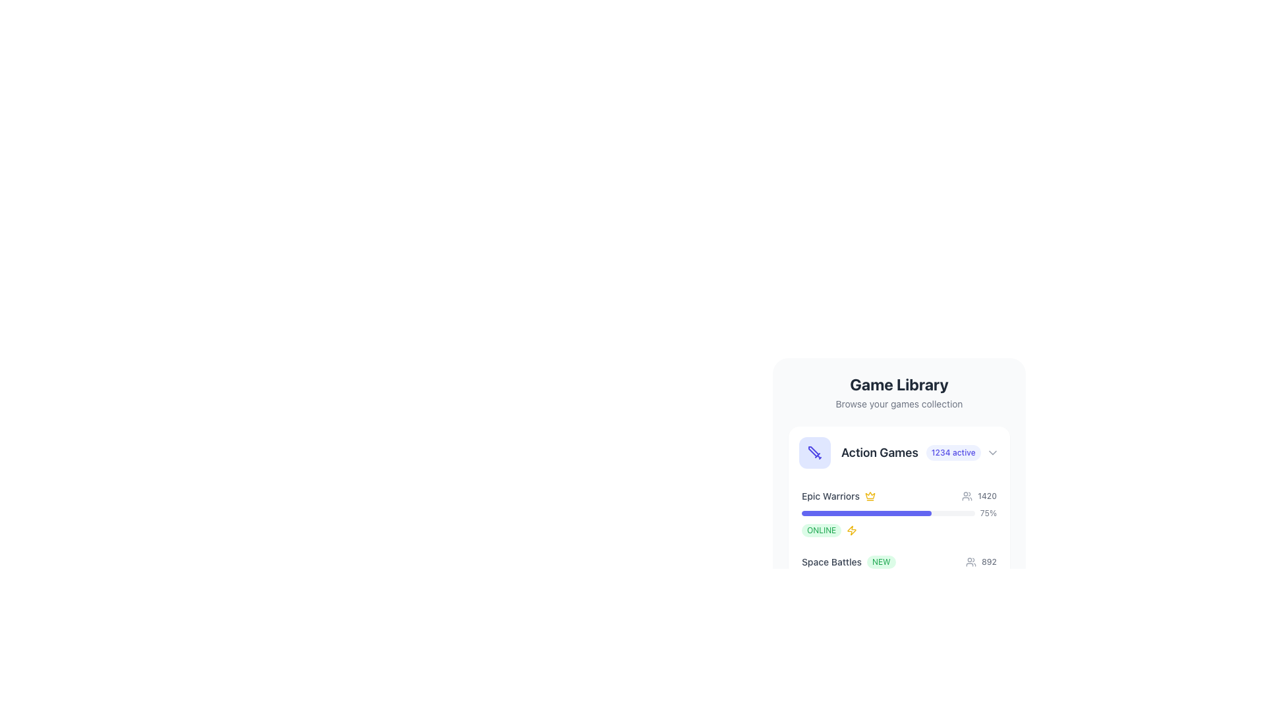 Image resolution: width=1265 pixels, height=711 pixels. What do you see at coordinates (837, 496) in the screenshot?
I see `game title 'Epic Warriors' displayed with an adjacent crown icon, which is the first entry in the 'Action Games' list` at bounding box center [837, 496].